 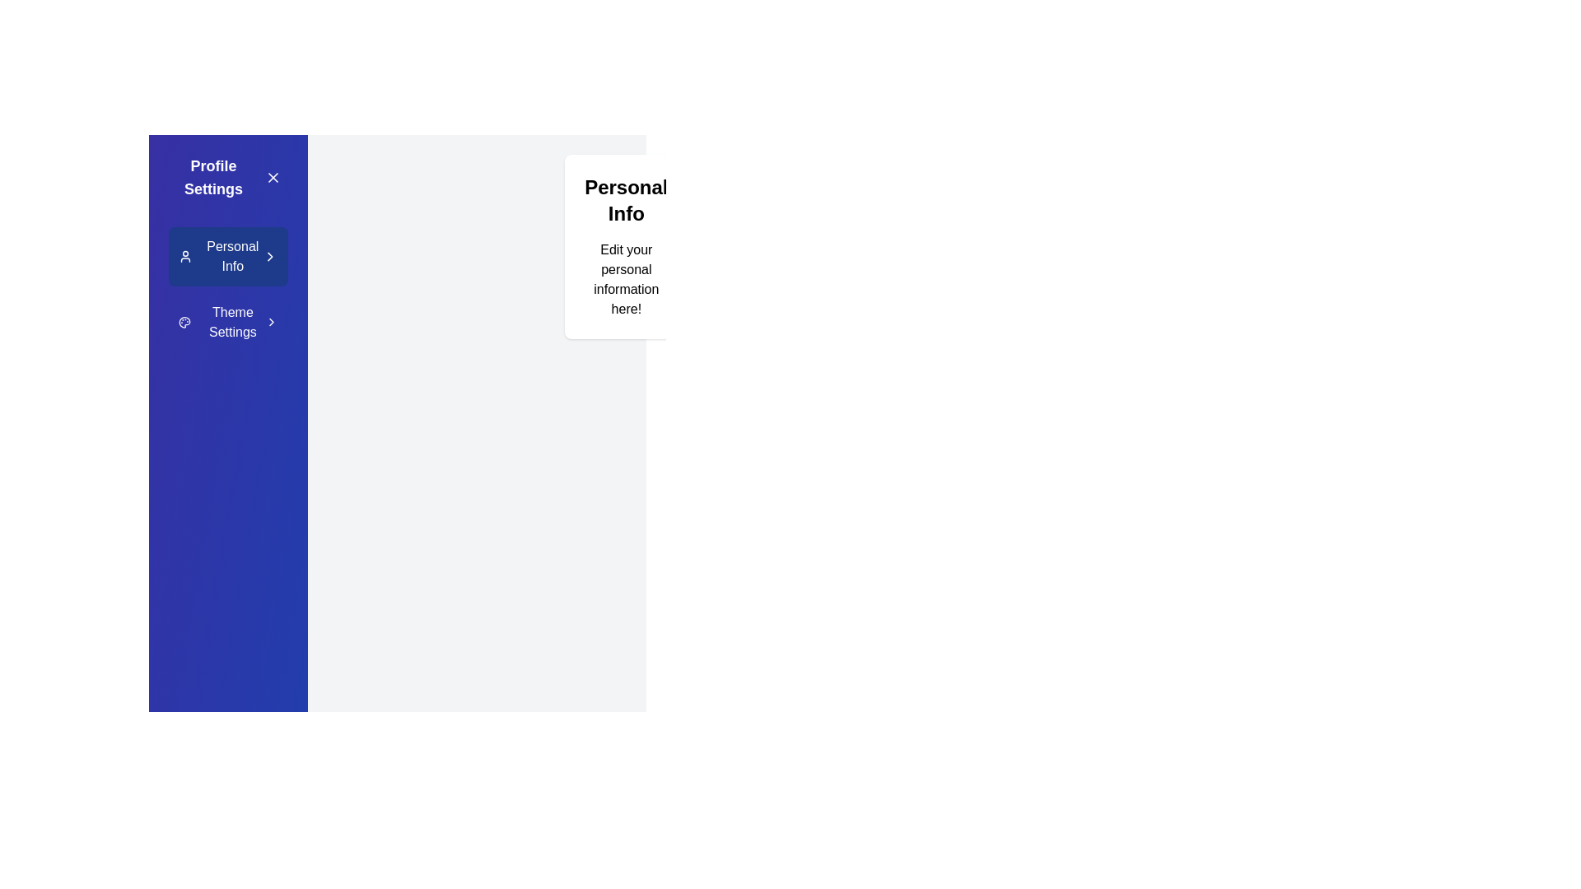 I want to click on the 'Theme Settings' icon located in the left sidebar under the 'Theme Settings' menu item, below 'Personal Info', so click(x=184, y=323).